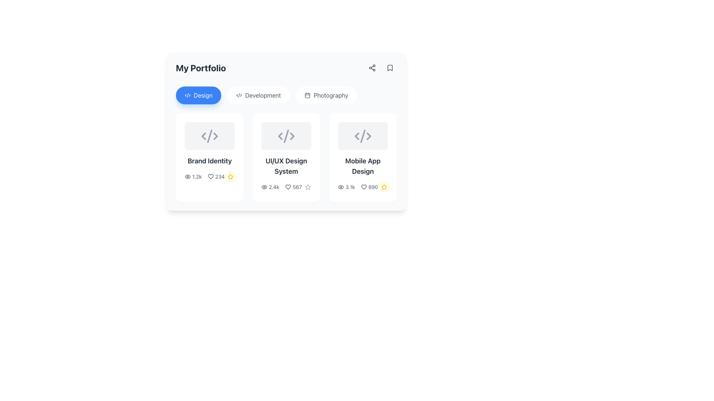 The width and height of the screenshot is (714, 401). Describe the element at coordinates (327, 95) in the screenshot. I see `the photography navigation button, which is the third button in a horizontal sequence of three buttons` at that location.